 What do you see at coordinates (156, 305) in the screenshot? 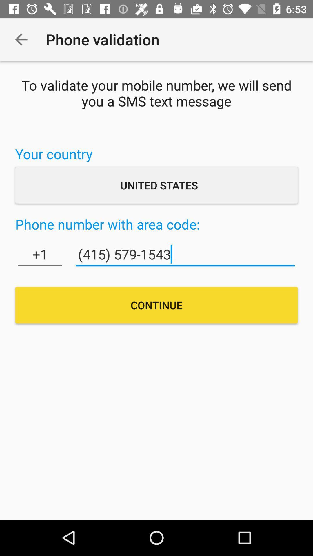
I see `continue item` at bounding box center [156, 305].